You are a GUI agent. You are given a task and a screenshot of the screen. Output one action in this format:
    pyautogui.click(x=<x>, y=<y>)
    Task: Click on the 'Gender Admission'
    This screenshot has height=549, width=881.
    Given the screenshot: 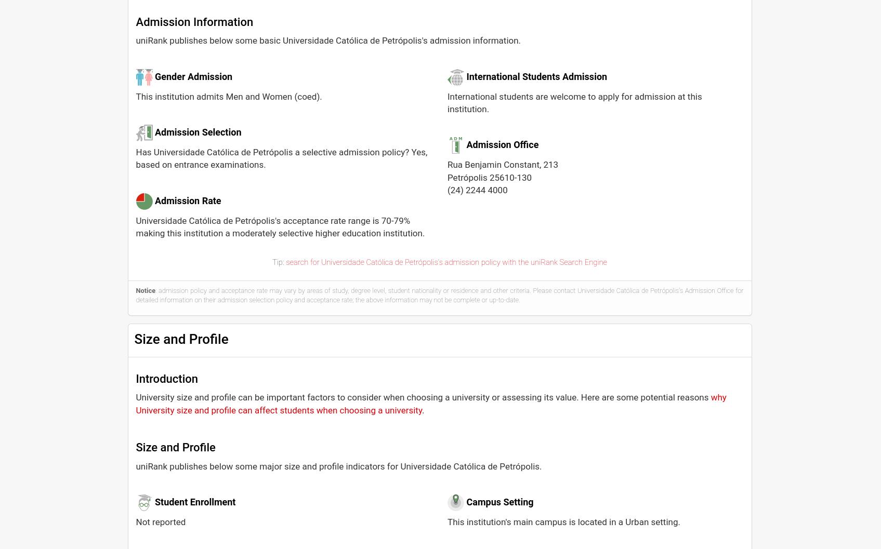 What is the action you would take?
    pyautogui.click(x=154, y=75)
    